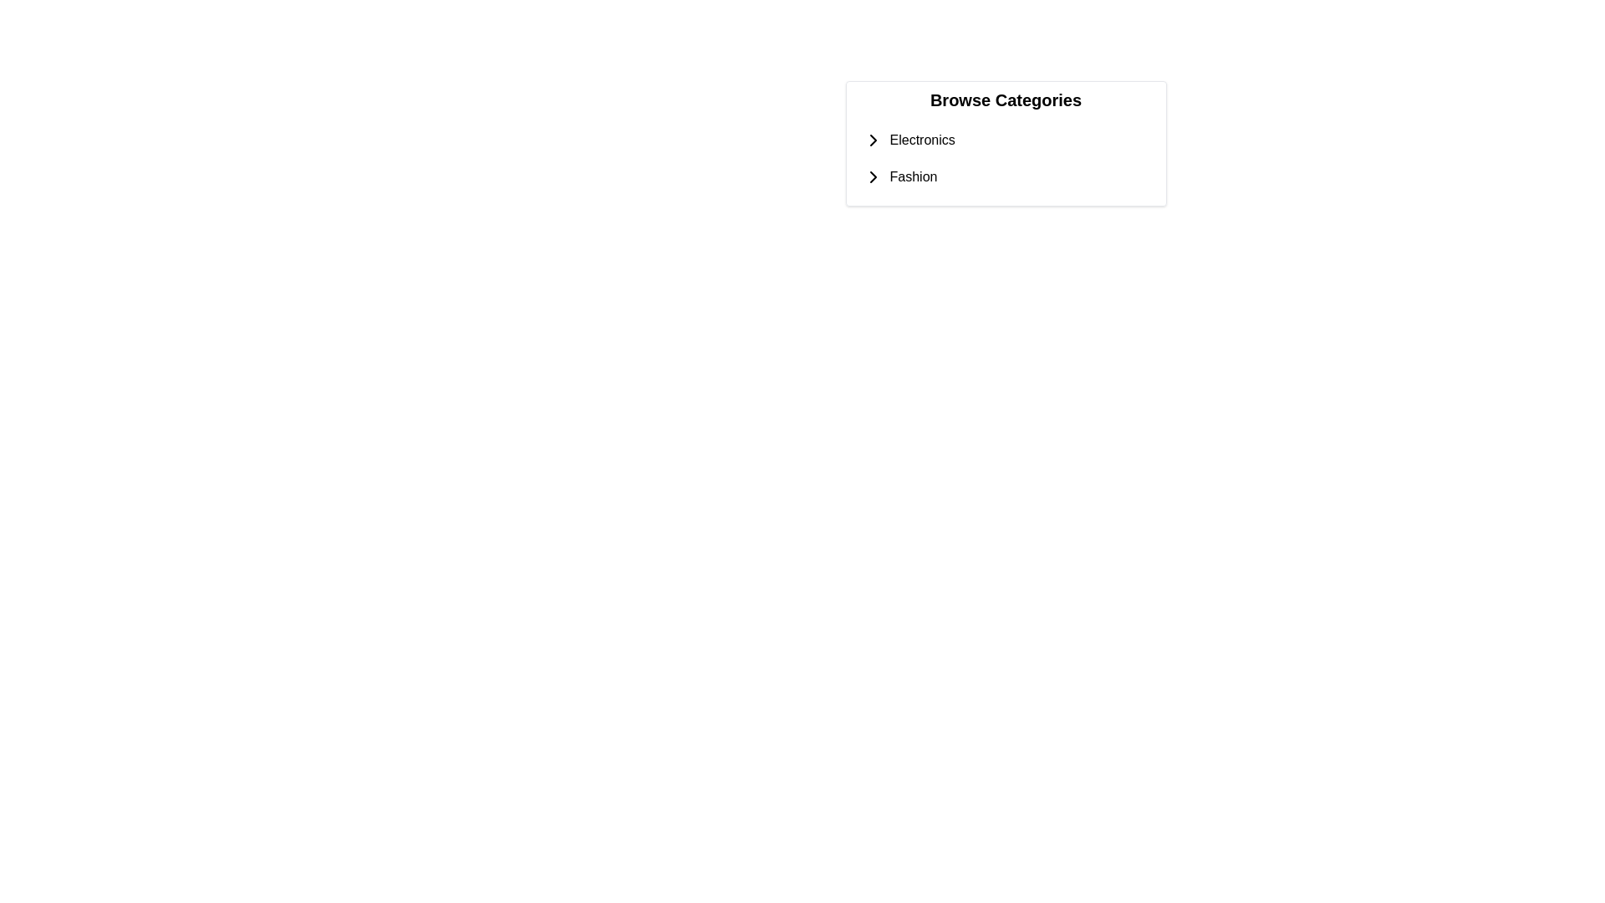 Image resolution: width=1605 pixels, height=903 pixels. Describe the element at coordinates (872, 177) in the screenshot. I see `the right-pointing chevron icon` at that location.